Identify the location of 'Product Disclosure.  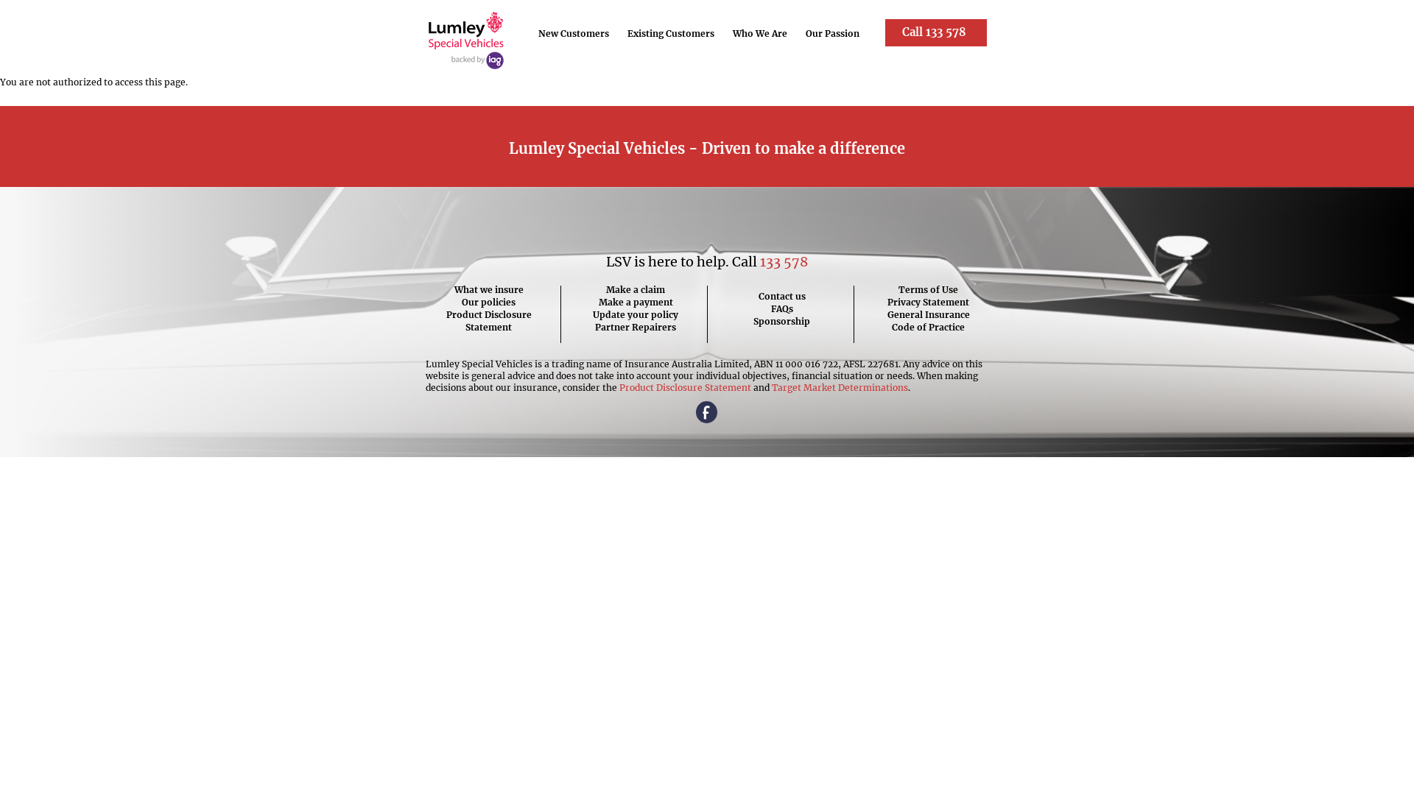
(488, 319).